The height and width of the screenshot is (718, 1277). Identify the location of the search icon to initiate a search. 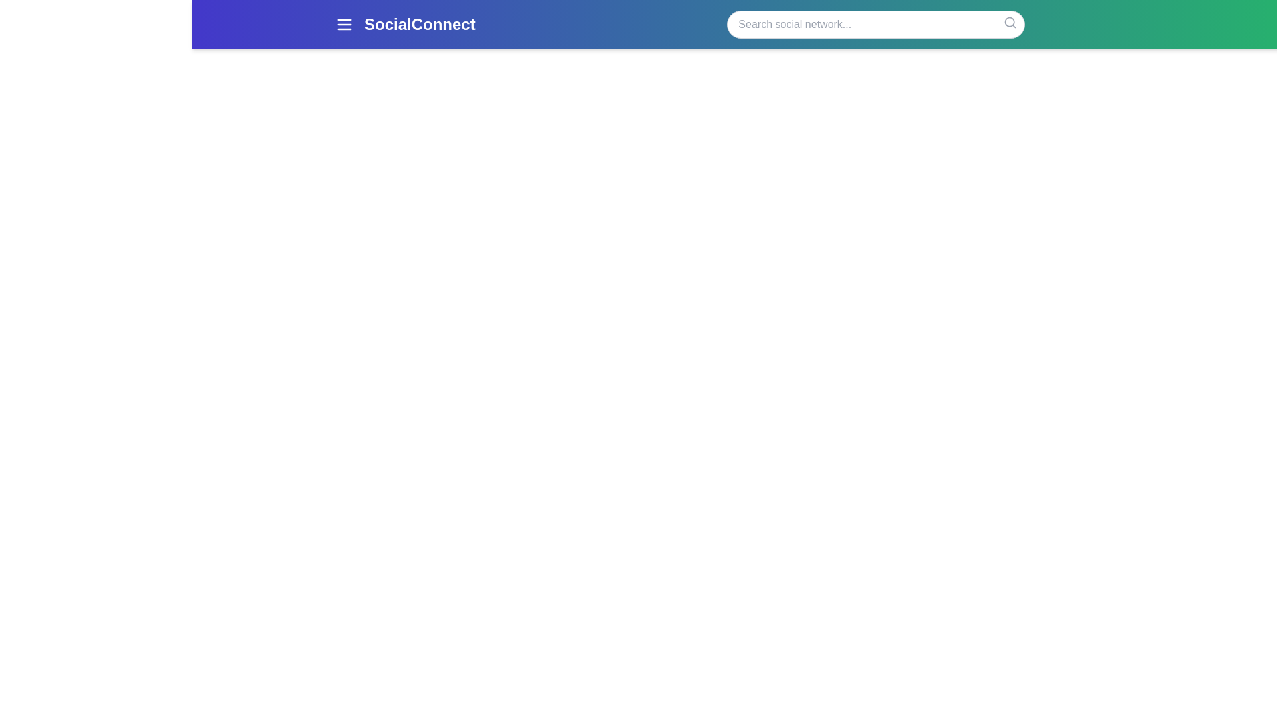
(1010, 23).